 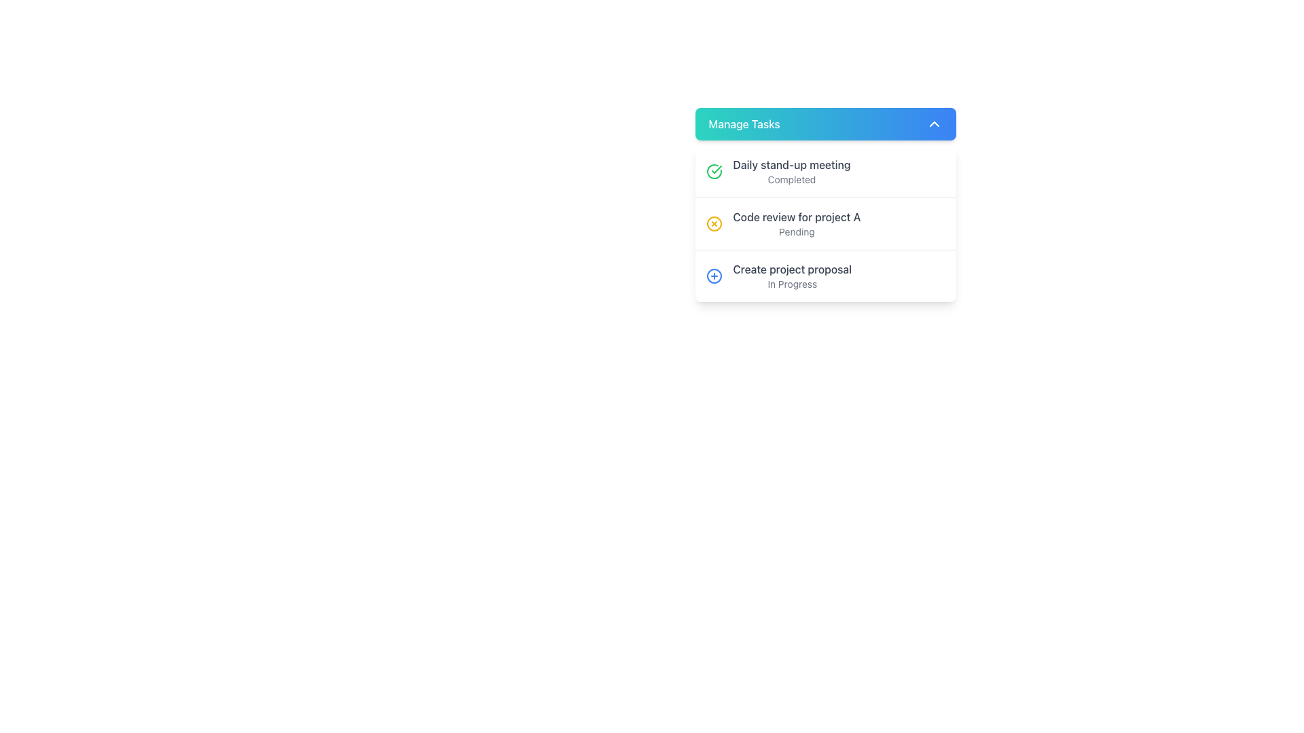 What do you see at coordinates (792, 164) in the screenshot?
I see `the Text Label that displays the title of a task, located below the green checkmark icon and above the 'Completed' label in the first task slot of the list` at bounding box center [792, 164].